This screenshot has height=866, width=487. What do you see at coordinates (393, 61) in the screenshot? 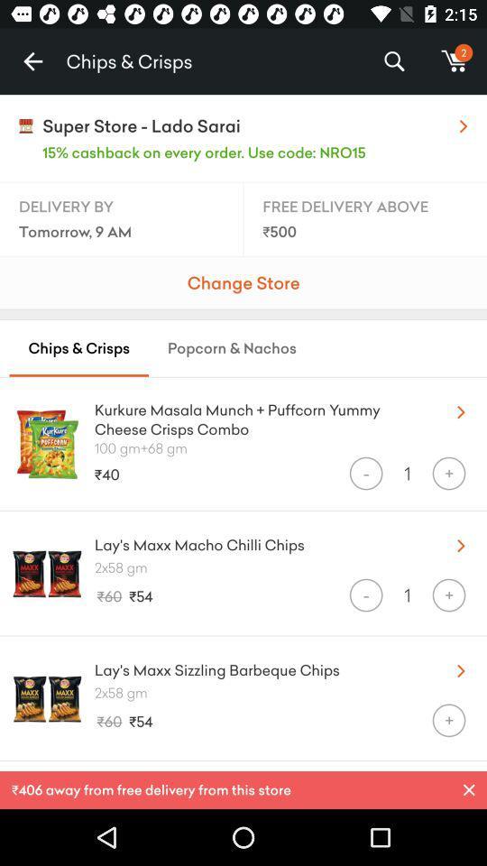
I see `item to the left of the m icon` at bounding box center [393, 61].